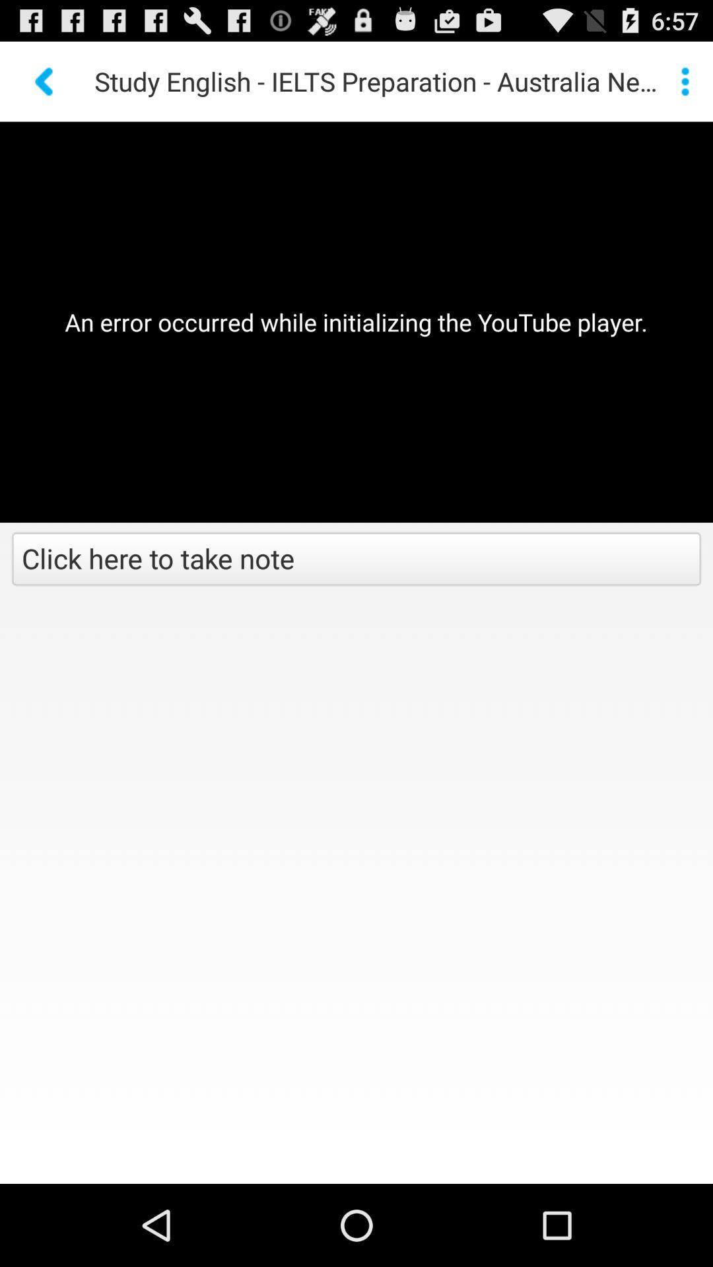 This screenshot has width=713, height=1267. Describe the element at coordinates (45, 81) in the screenshot. I see `app to the left of study english ielts` at that location.